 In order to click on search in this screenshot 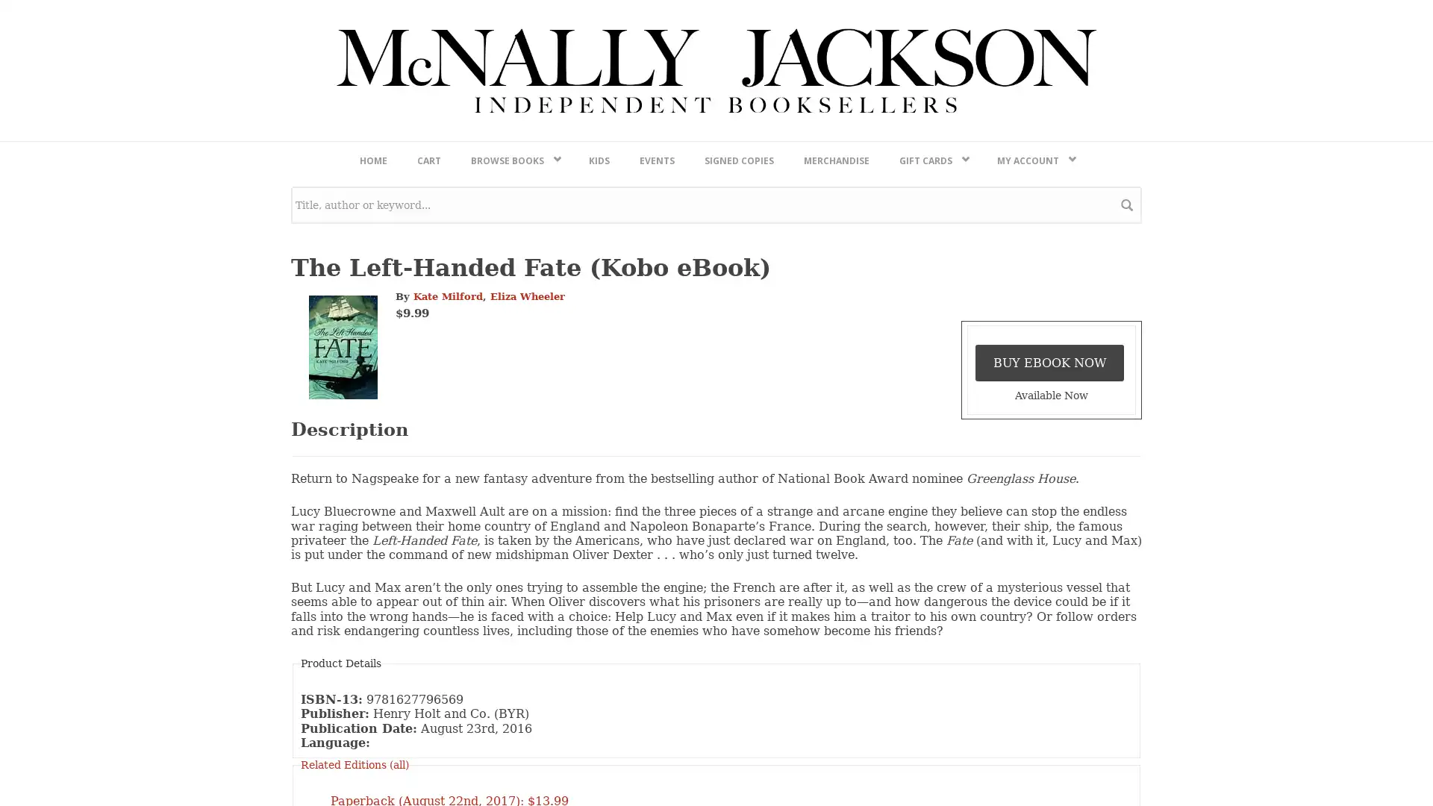, I will do `click(1127, 597)`.